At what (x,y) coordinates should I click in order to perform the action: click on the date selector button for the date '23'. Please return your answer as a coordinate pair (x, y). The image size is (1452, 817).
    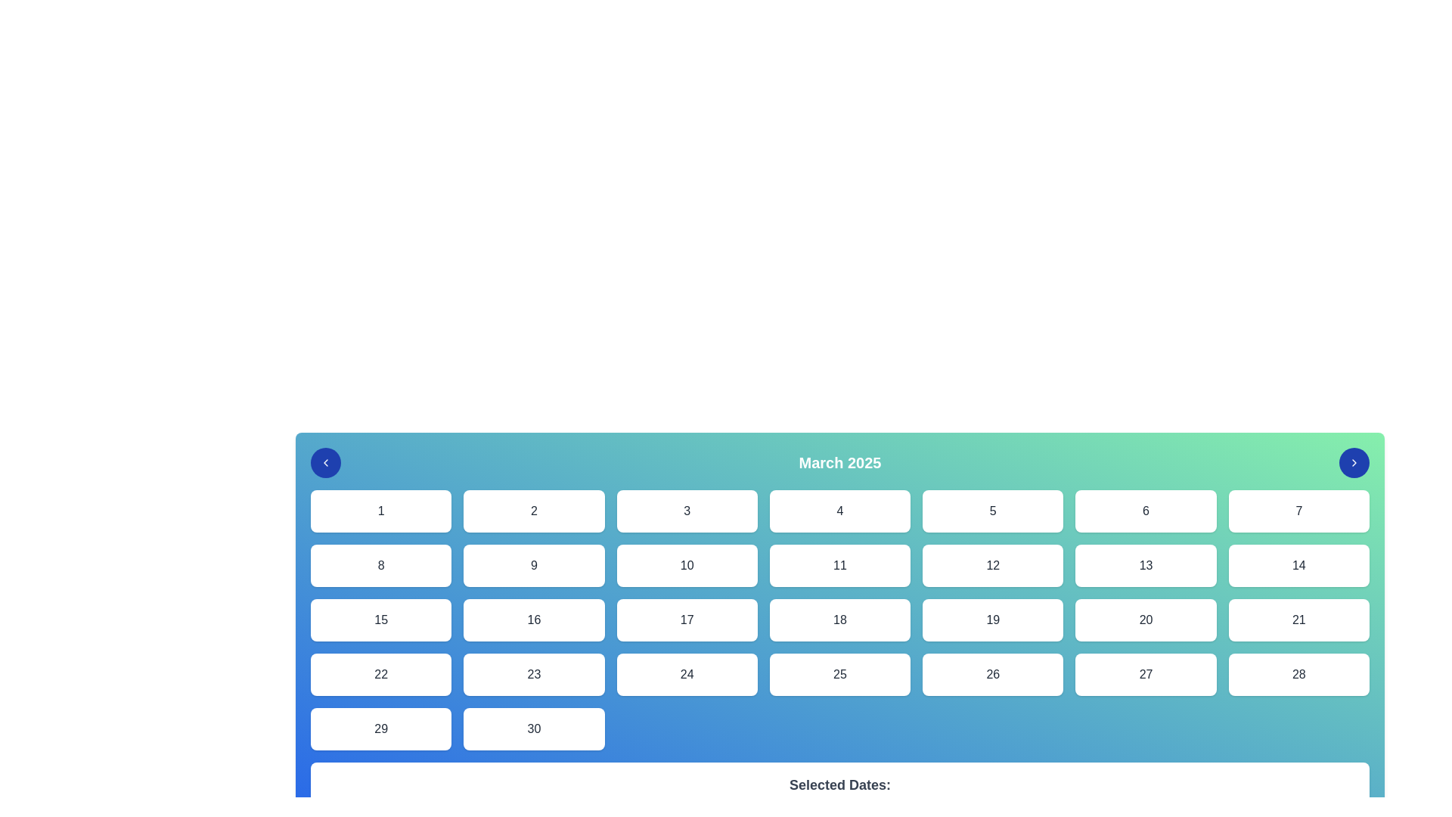
    Looking at the image, I should click on (534, 673).